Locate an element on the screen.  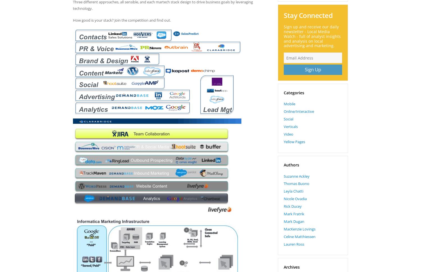
'Leyla Chatti' is located at coordinates (293, 191).